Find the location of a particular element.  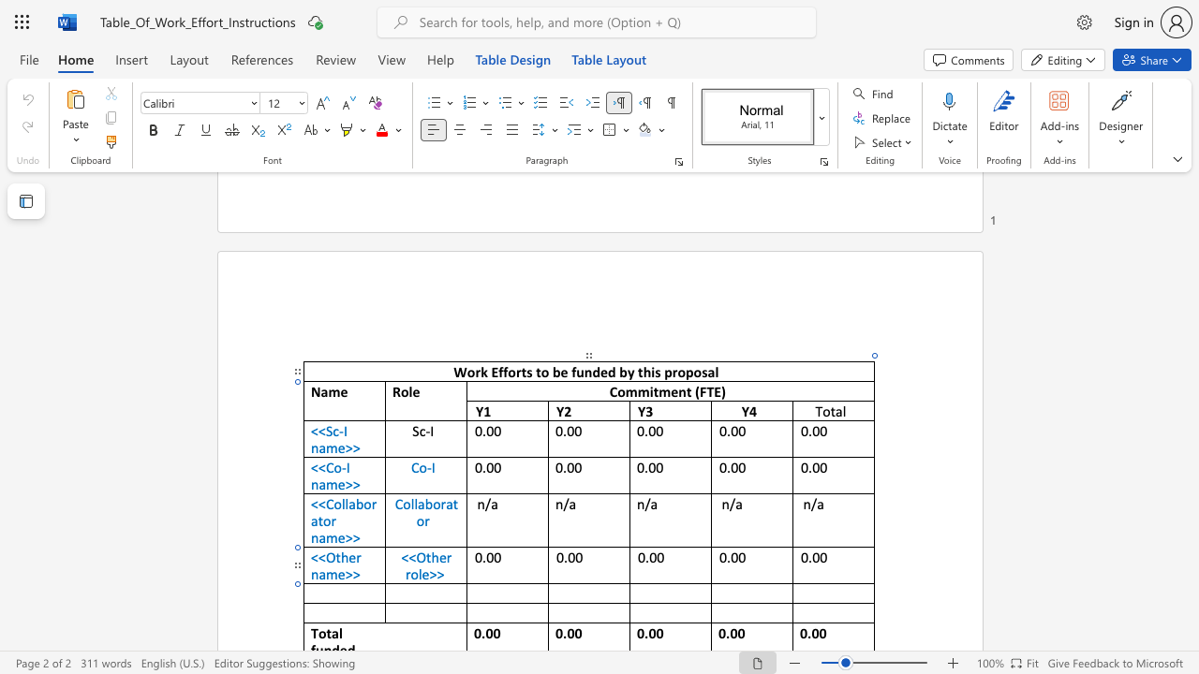

the space between the continuous character "t" and "h" in the text is located at coordinates (431, 556).